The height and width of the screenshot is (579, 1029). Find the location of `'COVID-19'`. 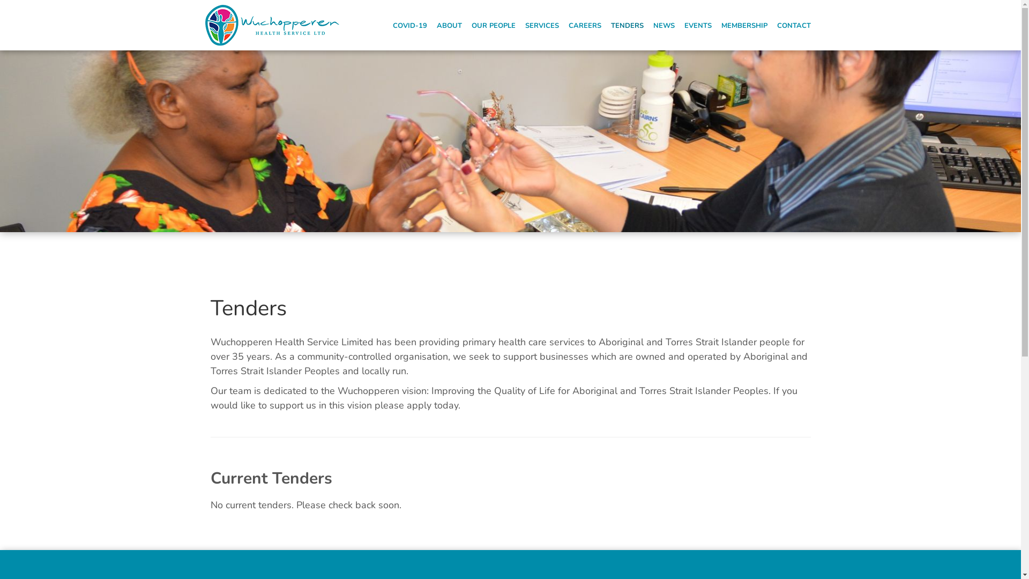

'COVID-19' is located at coordinates (409, 25).